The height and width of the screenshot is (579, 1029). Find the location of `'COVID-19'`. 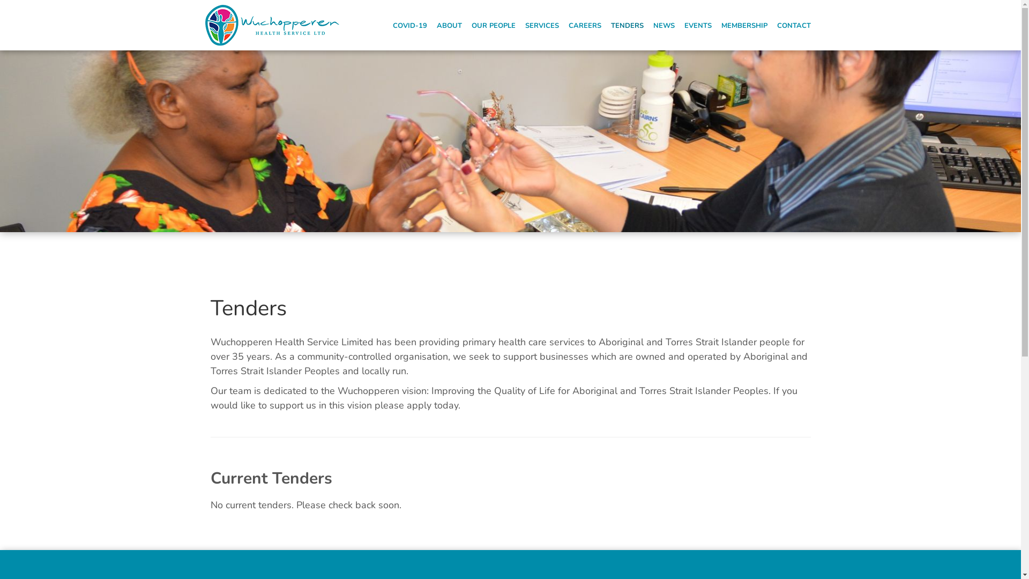

'COVID-19' is located at coordinates (409, 25).